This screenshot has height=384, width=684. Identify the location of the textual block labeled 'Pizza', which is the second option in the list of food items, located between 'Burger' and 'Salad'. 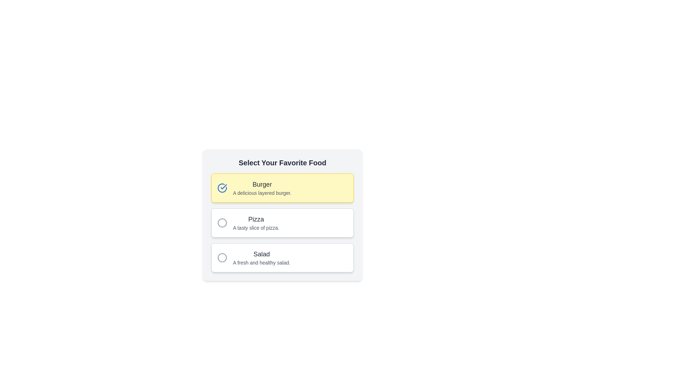
(256, 223).